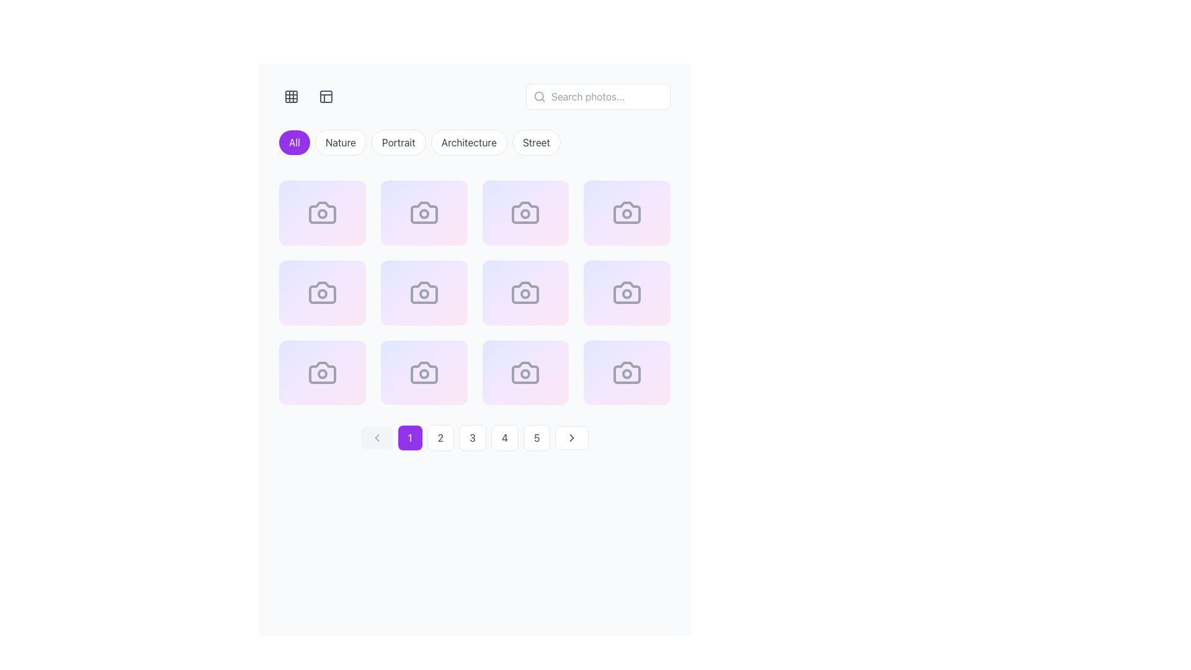 This screenshot has height=670, width=1191. Describe the element at coordinates (536, 142) in the screenshot. I see `the 'Street' button, which has a rounded rectangular shape with a white background and gray text` at that location.